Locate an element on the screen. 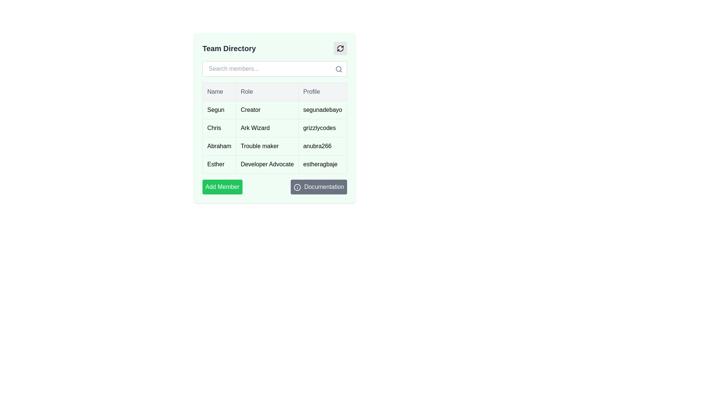  the third row in the 'Team Directory' section that provides information about a team member, specifically their name, role, and profile identifier is located at coordinates (274, 146).